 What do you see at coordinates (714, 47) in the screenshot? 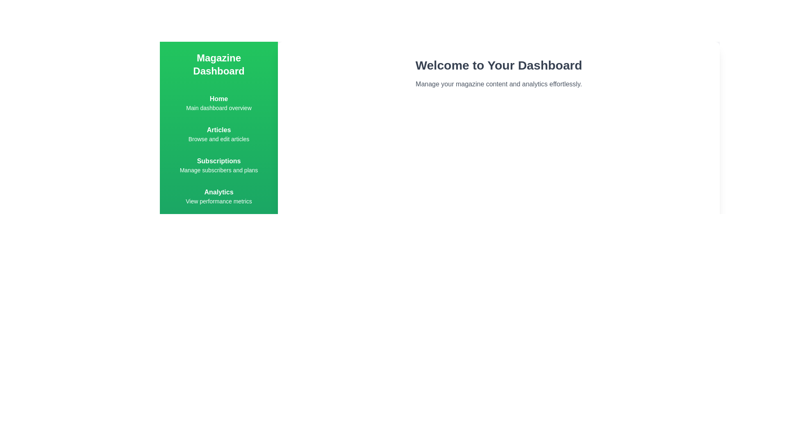
I see `the close button at the top right of the drawer to toggle its visibility` at bounding box center [714, 47].